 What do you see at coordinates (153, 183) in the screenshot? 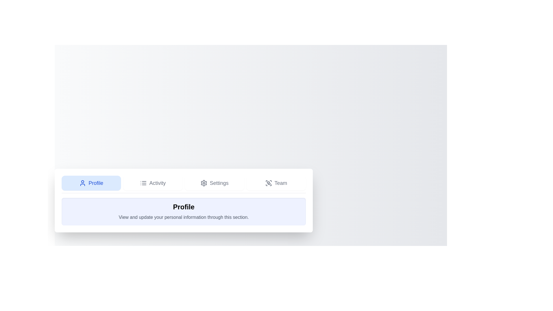
I see `the tab labeled Activity to observe its hover effect` at bounding box center [153, 183].